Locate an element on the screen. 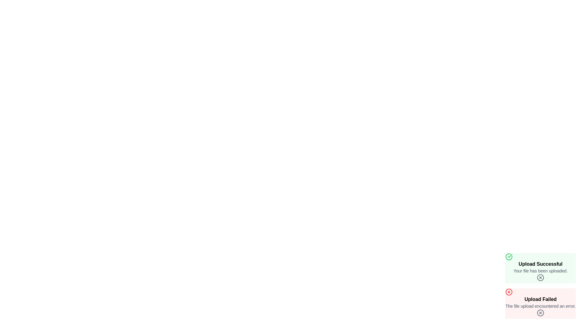 This screenshot has height=331, width=588. close button for the notification with title Upload Successful is located at coordinates (541, 278).